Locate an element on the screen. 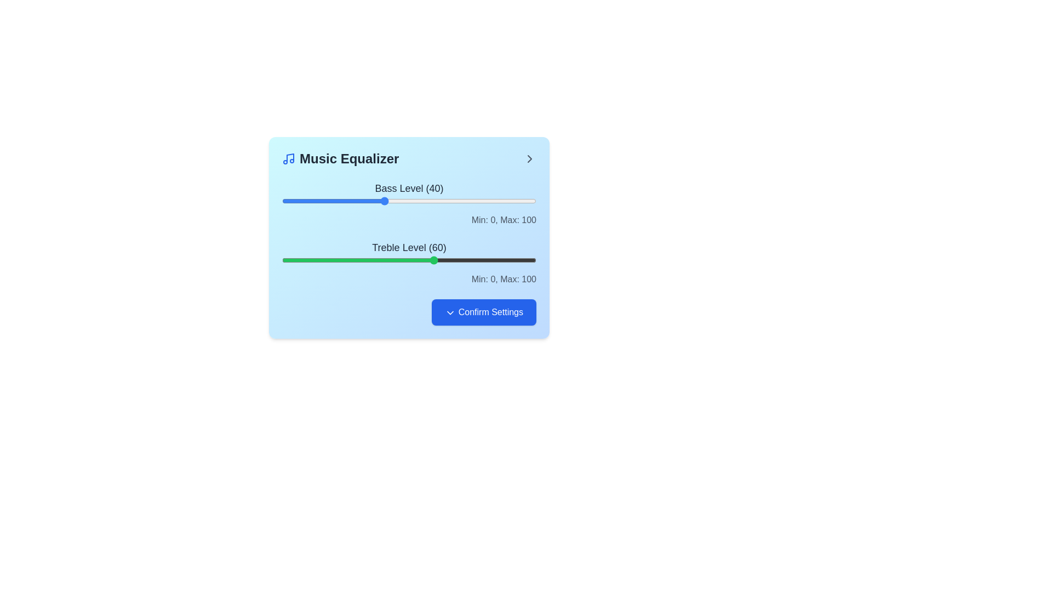 The height and width of the screenshot is (592, 1052). the 'Treble Level (60)' slider, which is a green-accented slider located below the 'Bass Level (40)' slider and above the 'Confirm Settings' button in the 'Music Equalizer' section is located at coordinates (409, 263).